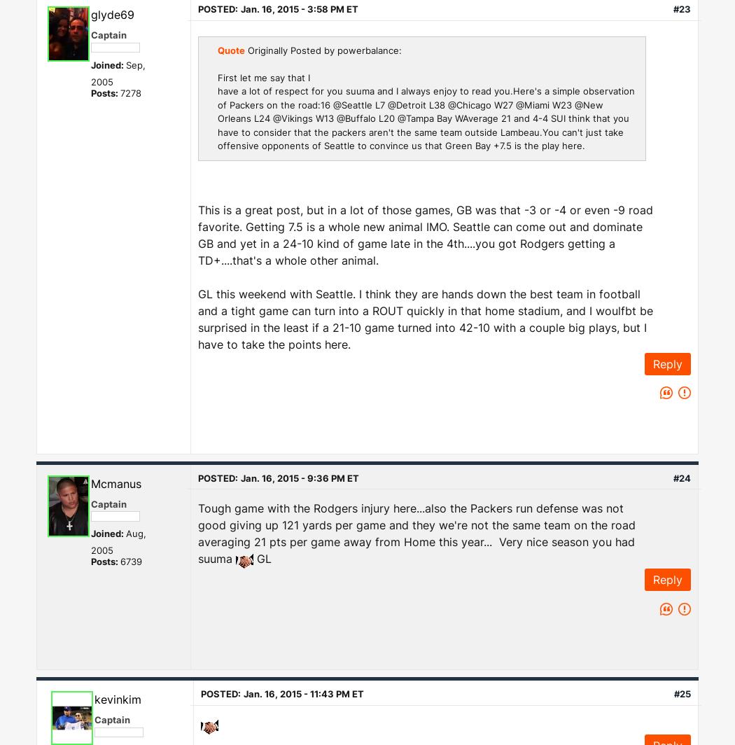 The height and width of the screenshot is (745, 735). I want to click on 'First let me say that I', so click(263, 77).